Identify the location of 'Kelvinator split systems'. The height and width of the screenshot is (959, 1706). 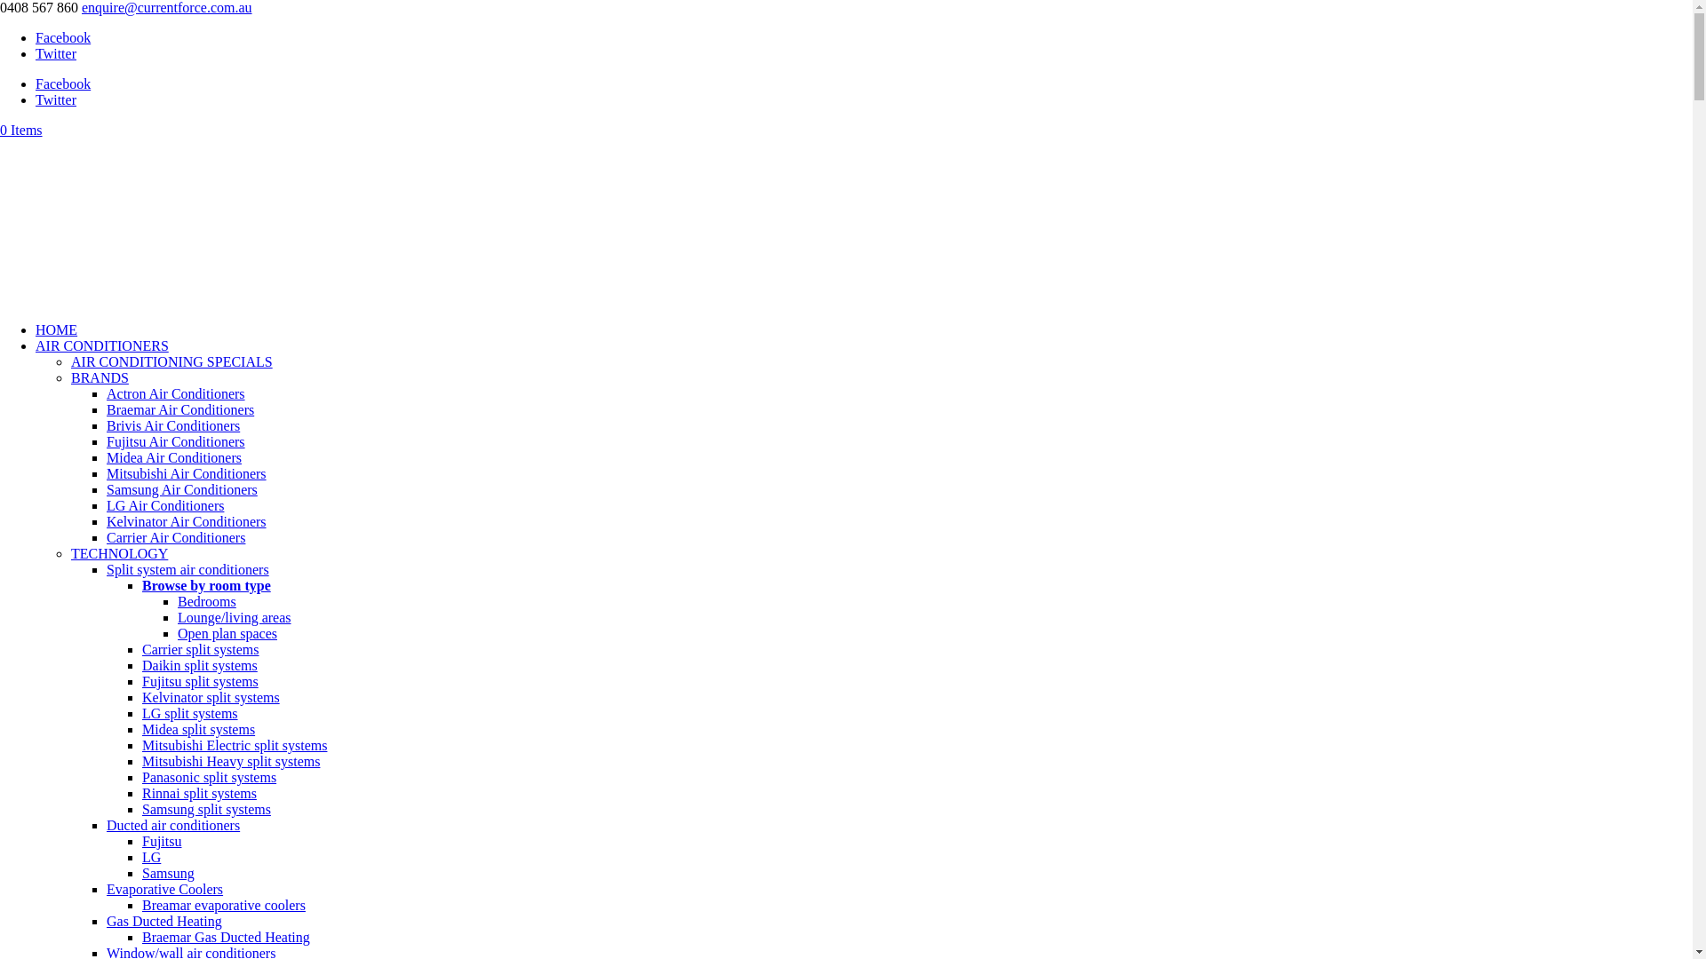
(211, 696).